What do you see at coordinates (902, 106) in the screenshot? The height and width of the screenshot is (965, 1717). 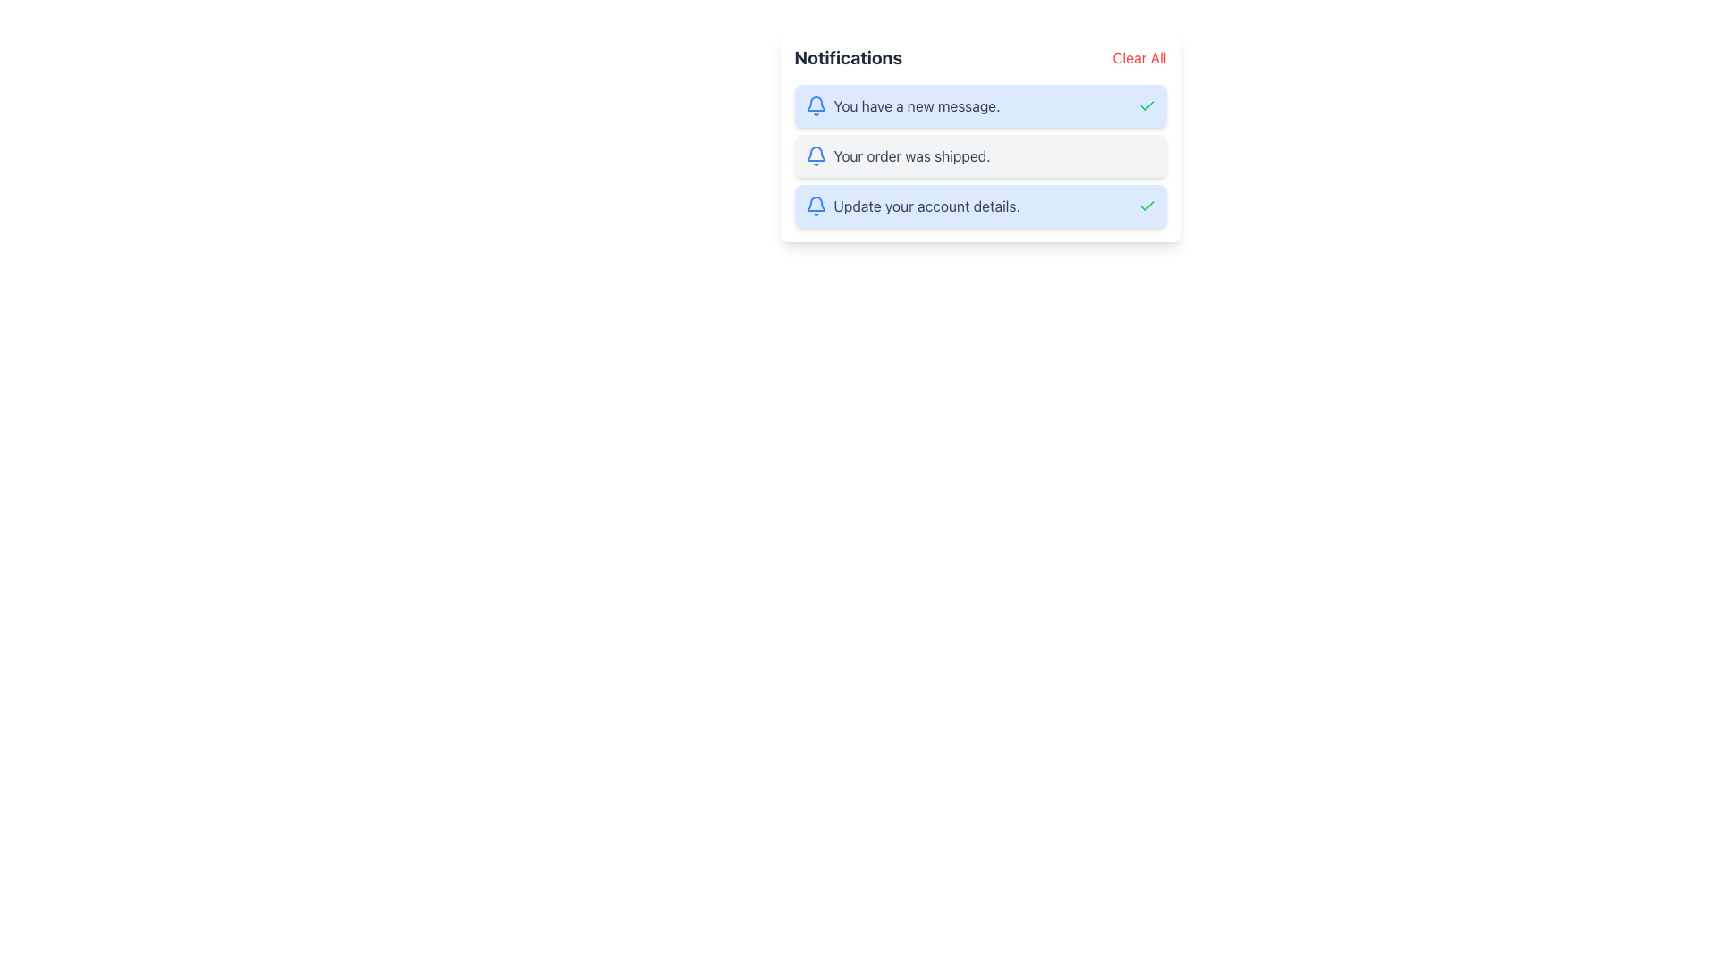 I see `the Notification Item displaying 'You have a new message.' with a bell icon on the left` at bounding box center [902, 106].